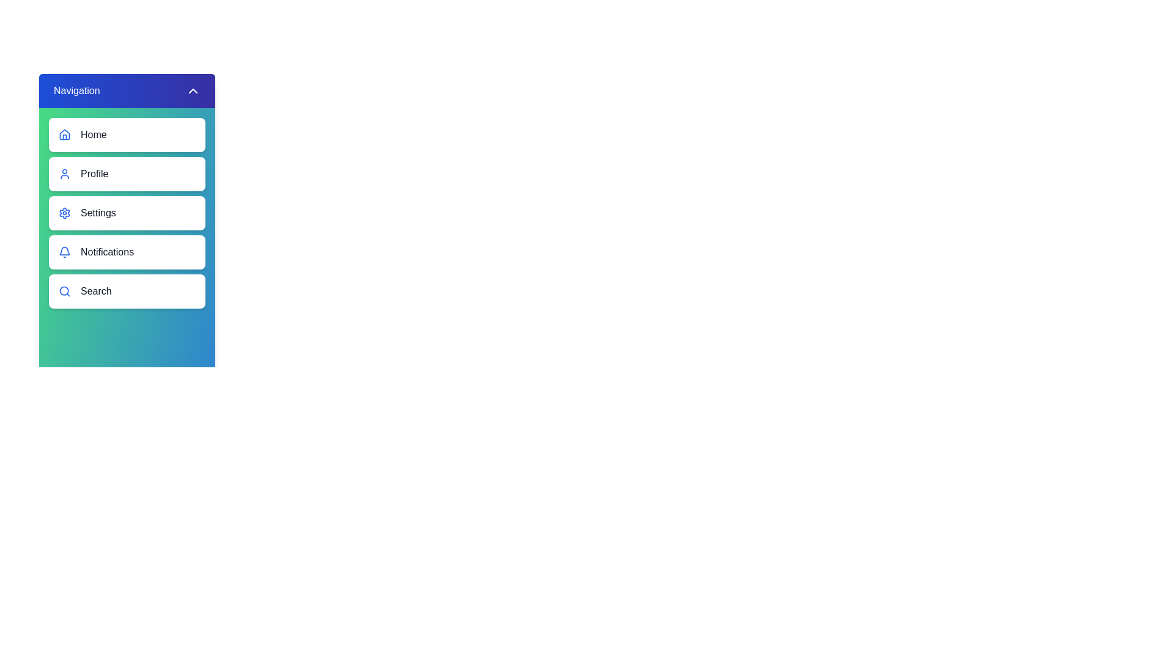  Describe the element at coordinates (64, 174) in the screenshot. I see `the user profile icon with a blue outline located to the left of the 'Profile' button` at that location.